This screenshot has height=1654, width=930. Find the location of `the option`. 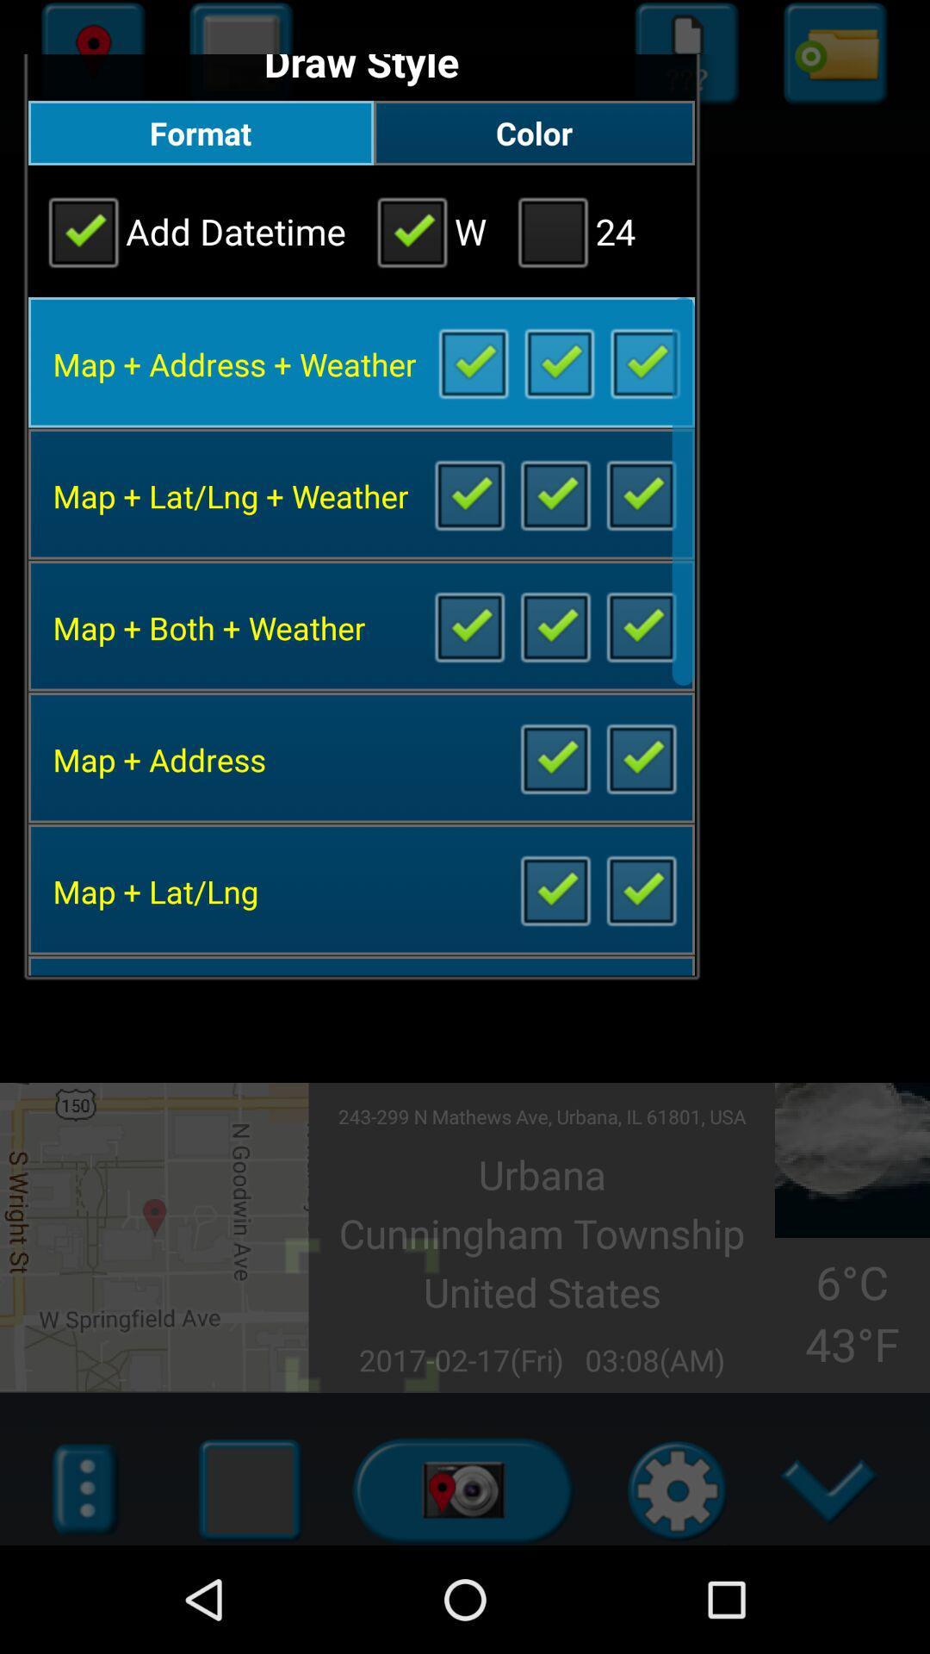

the option is located at coordinates (641, 625).